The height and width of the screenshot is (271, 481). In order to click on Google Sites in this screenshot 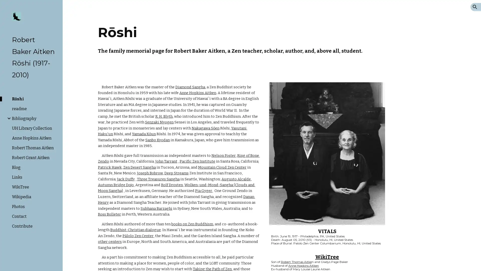, I will do `click(87, 262)`.